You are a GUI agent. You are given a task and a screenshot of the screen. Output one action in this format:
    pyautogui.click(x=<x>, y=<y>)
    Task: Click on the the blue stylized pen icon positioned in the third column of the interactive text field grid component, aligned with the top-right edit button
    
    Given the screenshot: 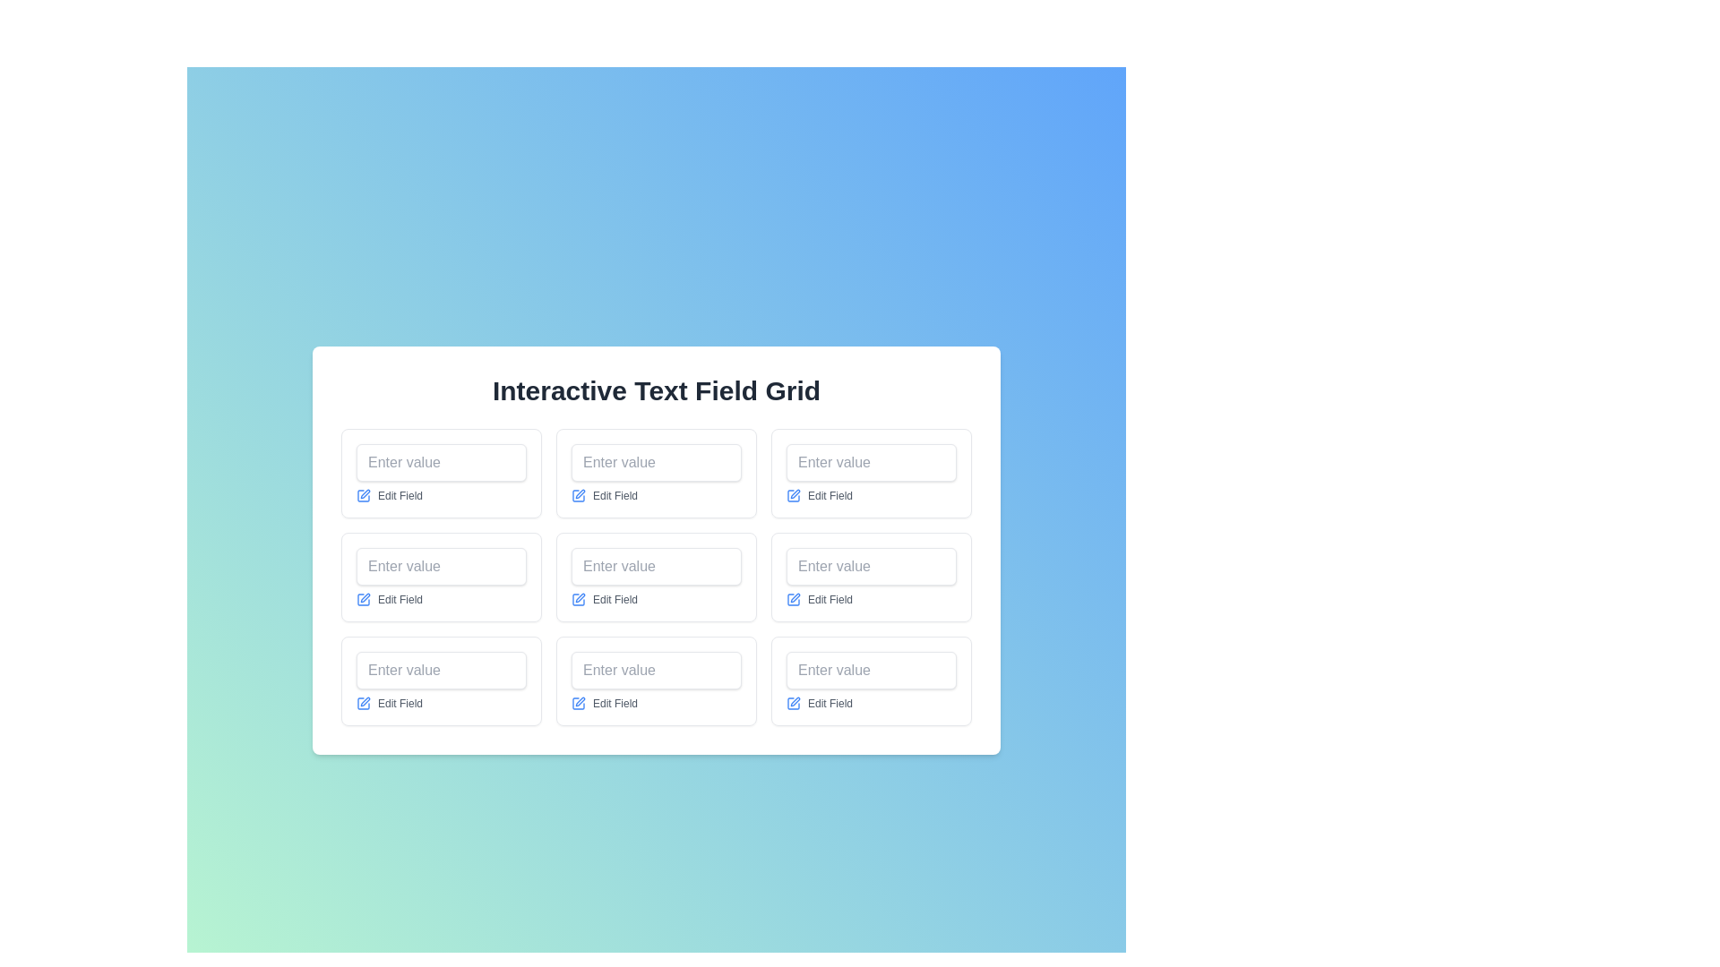 What is the action you would take?
    pyautogui.click(x=795, y=493)
    